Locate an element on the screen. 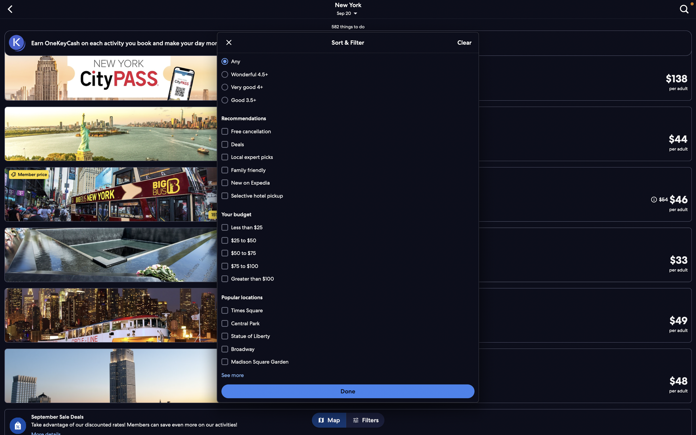 The height and width of the screenshot is (435, 696). Opt for places allowing free cancellation and are family friendly is located at coordinates (347, 131).